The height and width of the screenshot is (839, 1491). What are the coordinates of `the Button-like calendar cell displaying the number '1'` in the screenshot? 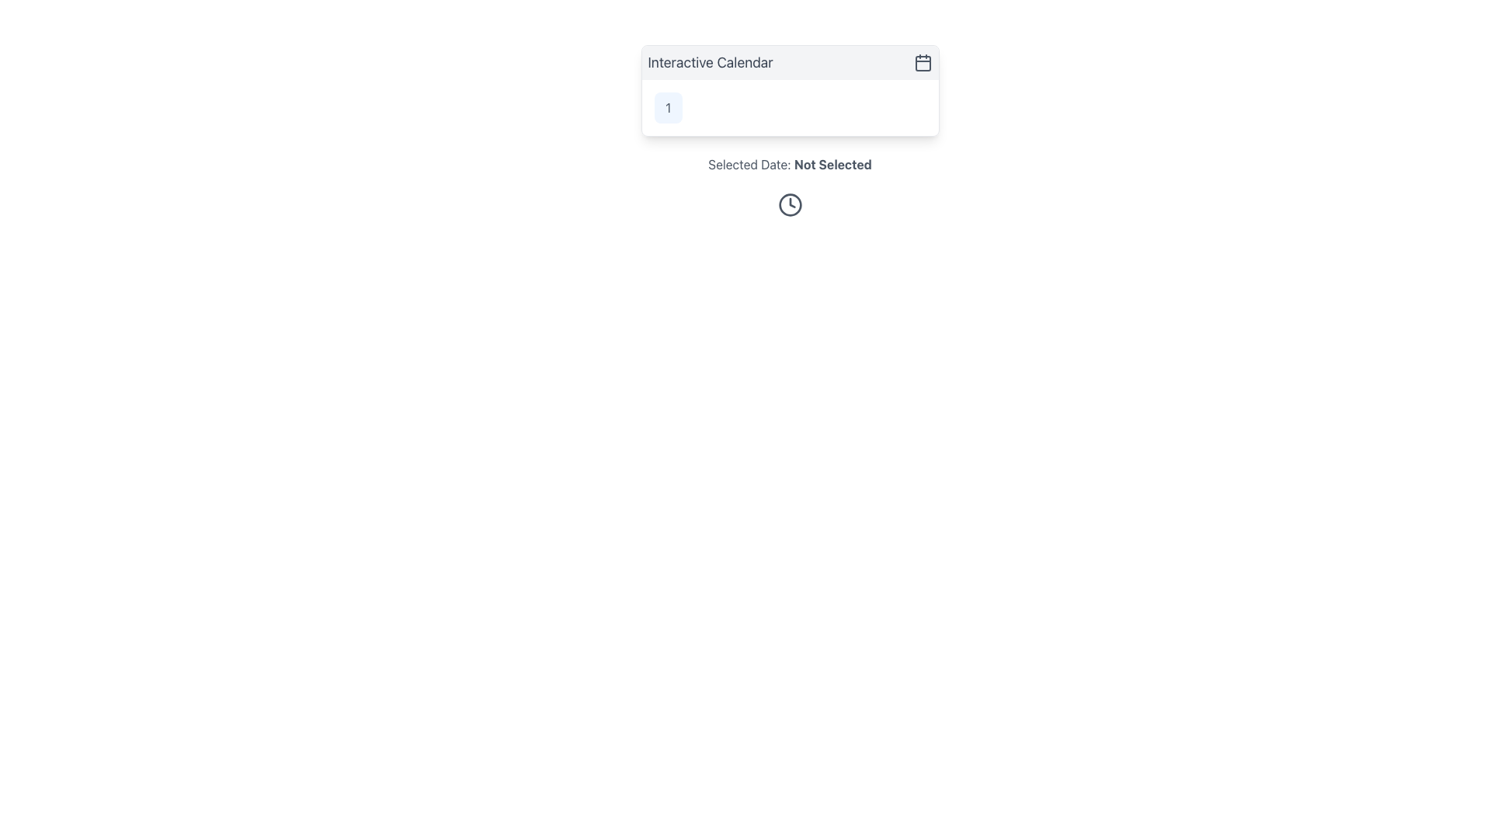 It's located at (790, 106).